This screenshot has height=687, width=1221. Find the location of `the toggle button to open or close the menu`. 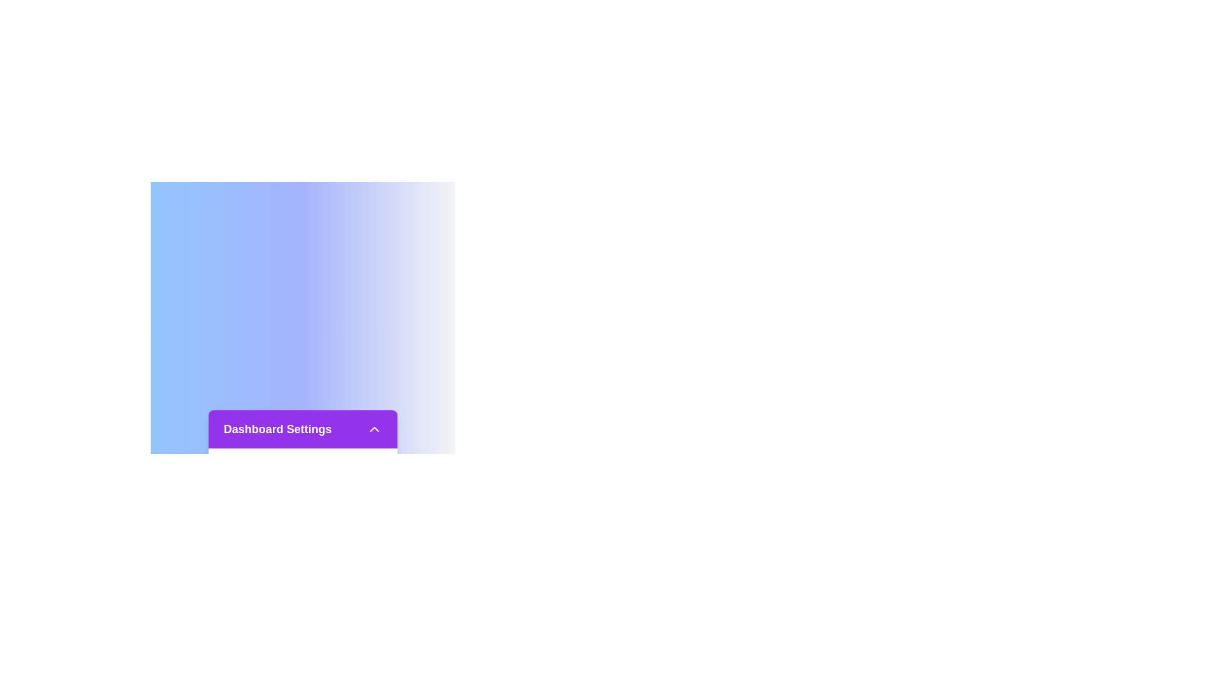

the toggle button to open or close the menu is located at coordinates (374, 429).